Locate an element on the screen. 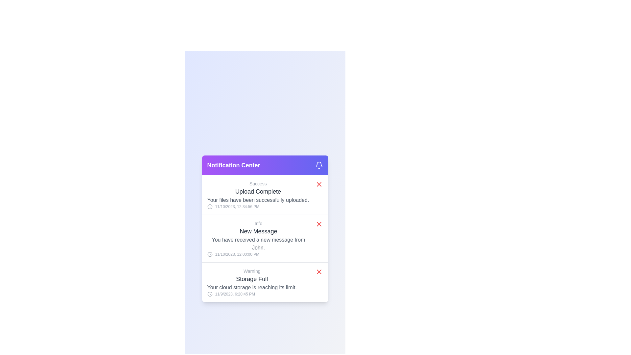 Image resolution: width=631 pixels, height=355 pixels. the remove icon button located at the top-right corner of the 'Upload Complete' notification message card is located at coordinates (319, 184).